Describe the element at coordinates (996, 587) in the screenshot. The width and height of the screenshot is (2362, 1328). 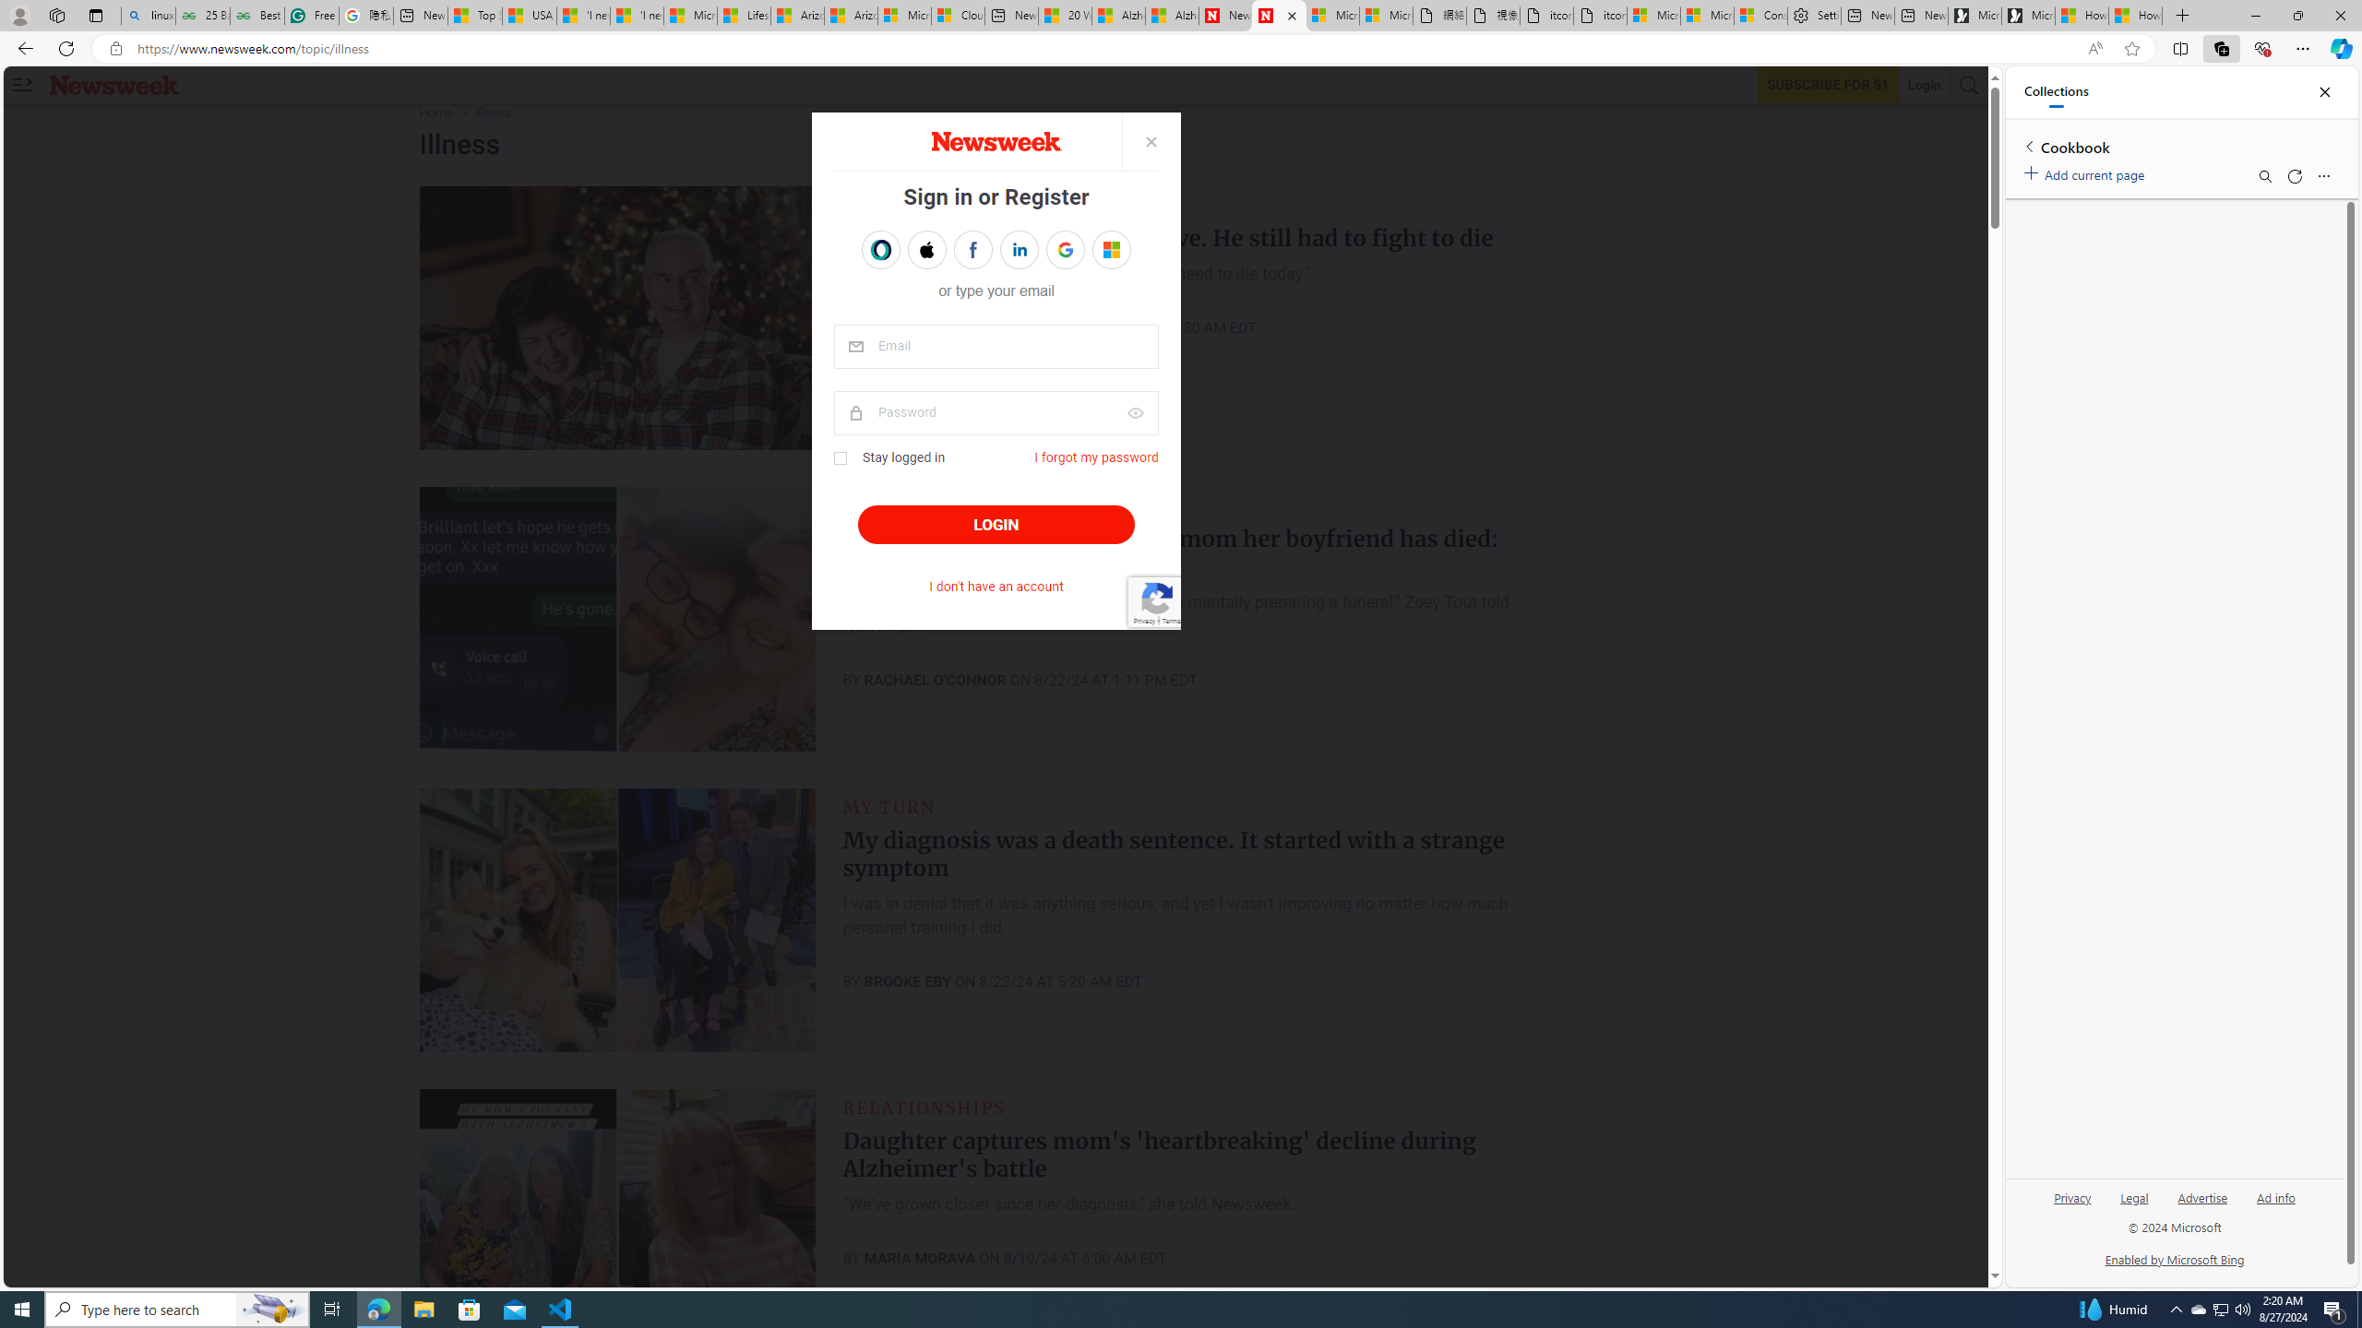
I see `'I don'` at that location.